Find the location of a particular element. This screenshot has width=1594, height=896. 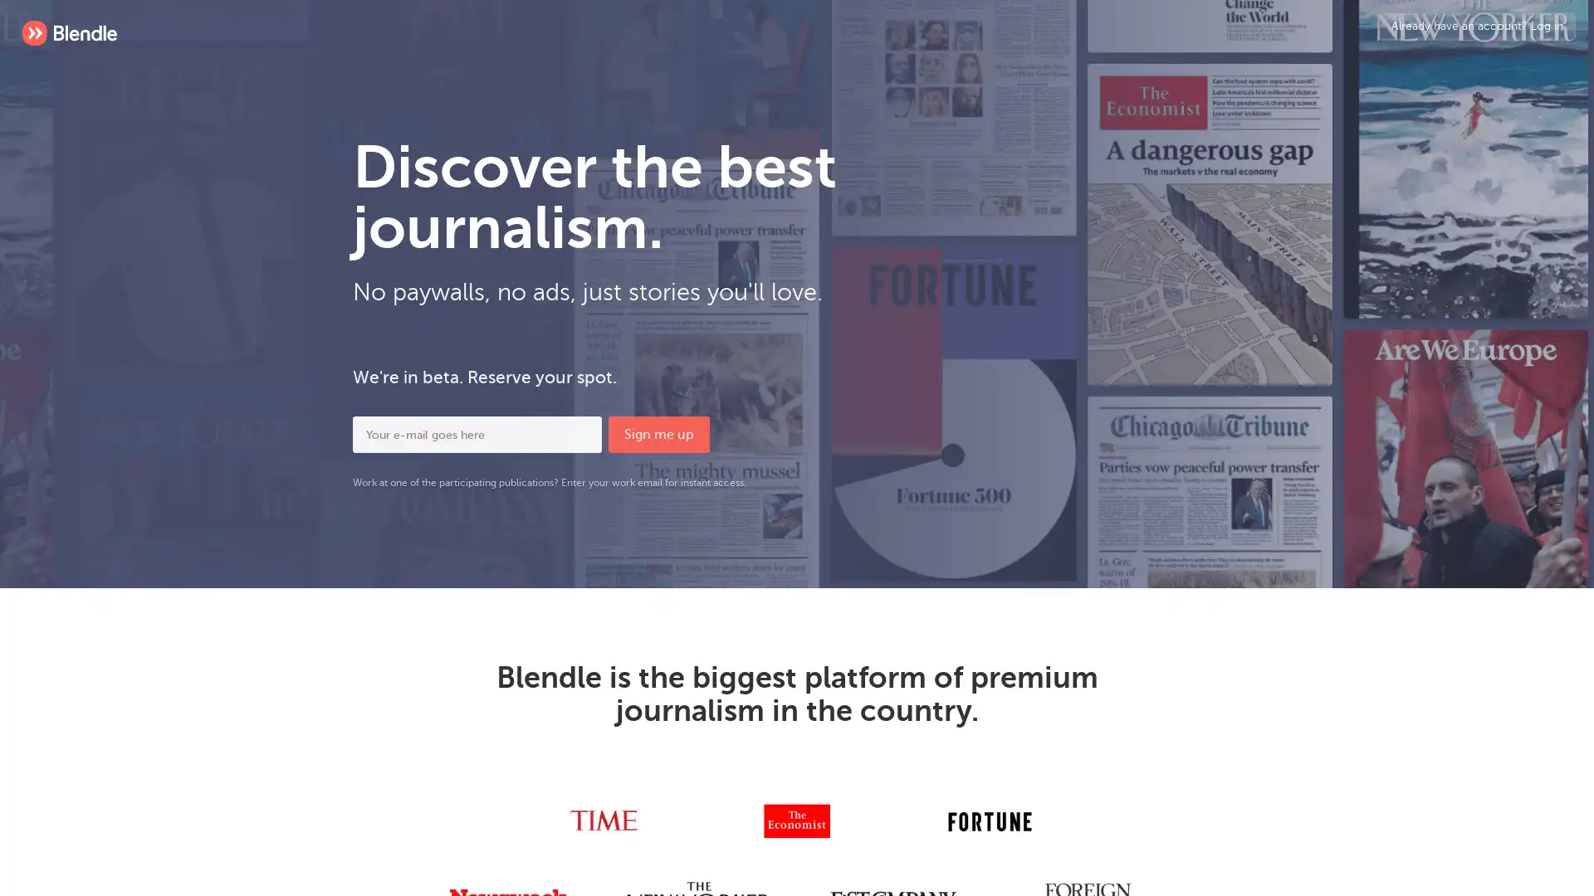

Sign me up is located at coordinates (658, 434).